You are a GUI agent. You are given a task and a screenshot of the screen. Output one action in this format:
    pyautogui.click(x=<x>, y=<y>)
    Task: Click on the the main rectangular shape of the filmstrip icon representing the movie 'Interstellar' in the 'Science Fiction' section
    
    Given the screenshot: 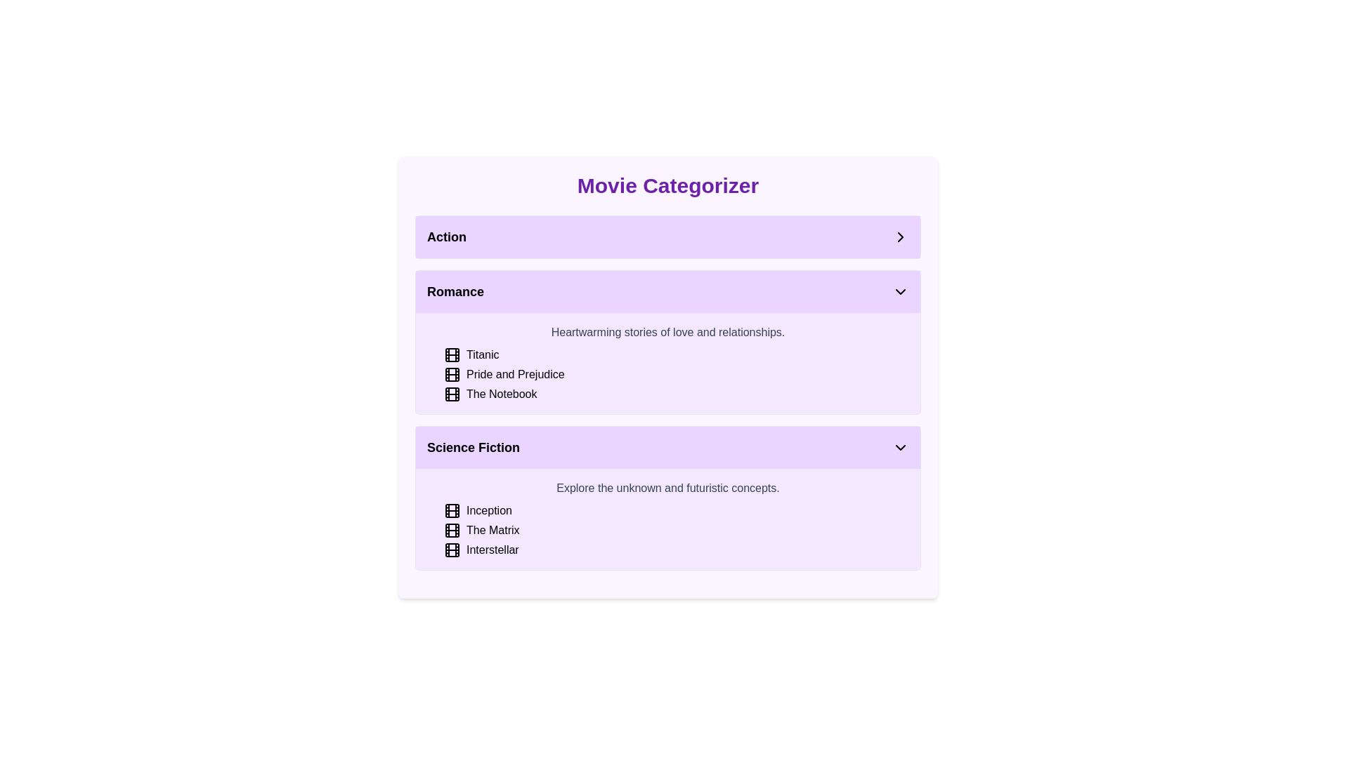 What is the action you would take?
    pyautogui.click(x=452, y=549)
    